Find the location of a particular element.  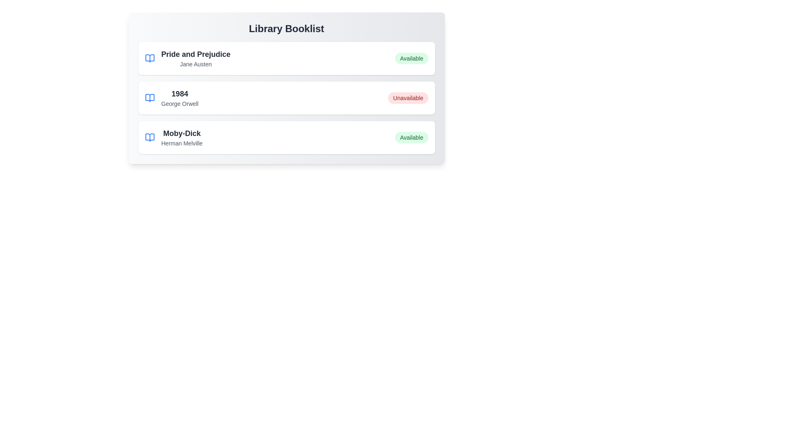

the book icon to view details for Moby-Dick is located at coordinates (150, 137).